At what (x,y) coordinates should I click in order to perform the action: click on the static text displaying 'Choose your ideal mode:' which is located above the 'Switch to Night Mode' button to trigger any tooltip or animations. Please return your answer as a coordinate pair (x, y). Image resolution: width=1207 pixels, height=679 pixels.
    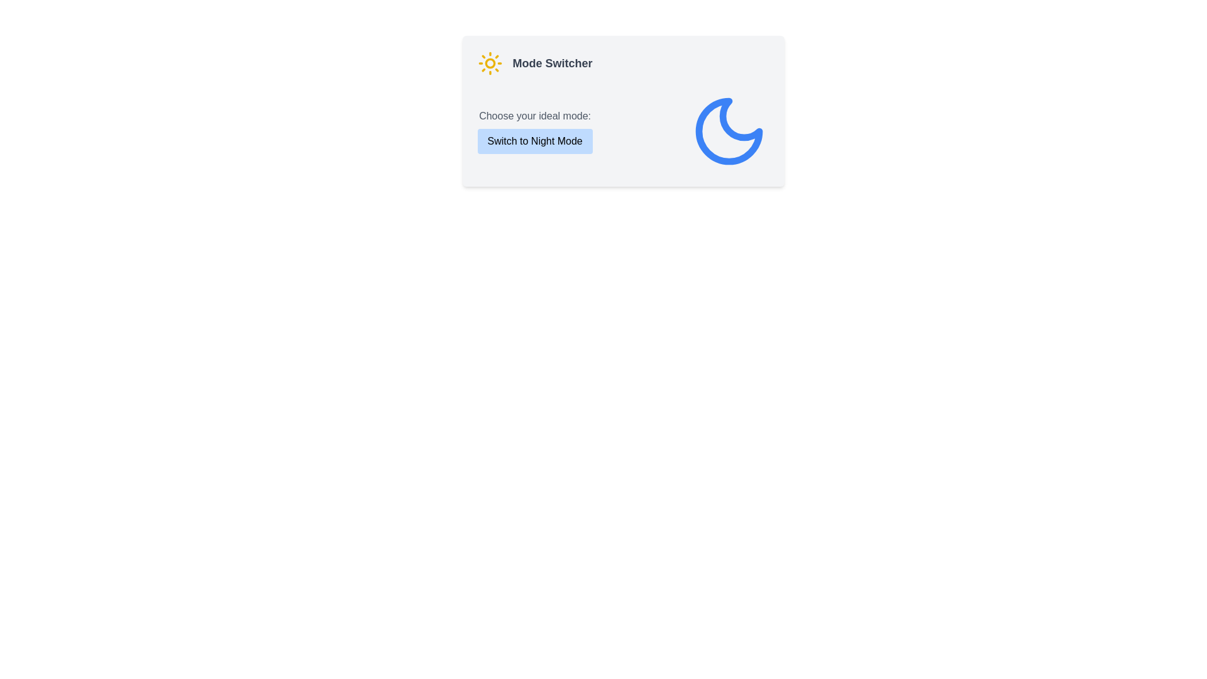
    Looking at the image, I should click on (535, 116).